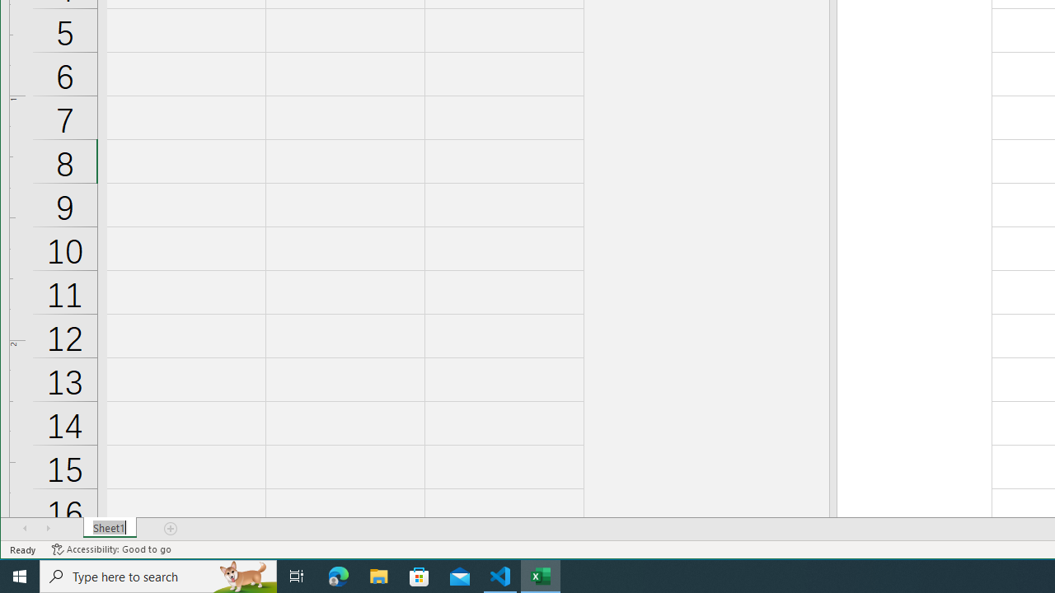 Image resolution: width=1055 pixels, height=593 pixels. I want to click on 'File Explorer', so click(378, 575).